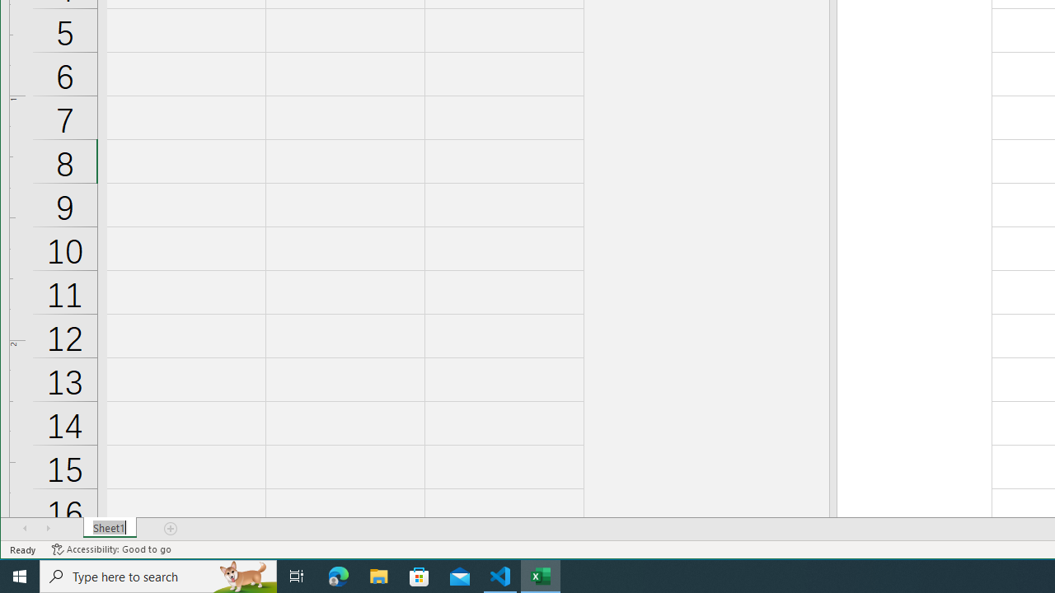 Image resolution: width=1055 pixels, height=593 pixels. I want to click on 'File Explorer', so click(378, 575).